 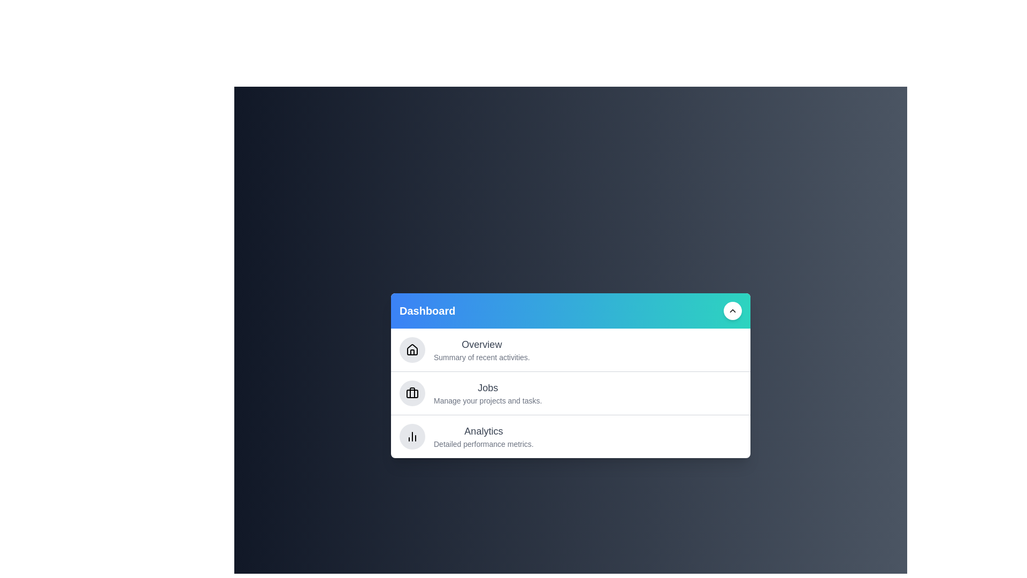 I want to click on button with the chevron icon to toggle the panel's visibility, so click(x=732, y=311).